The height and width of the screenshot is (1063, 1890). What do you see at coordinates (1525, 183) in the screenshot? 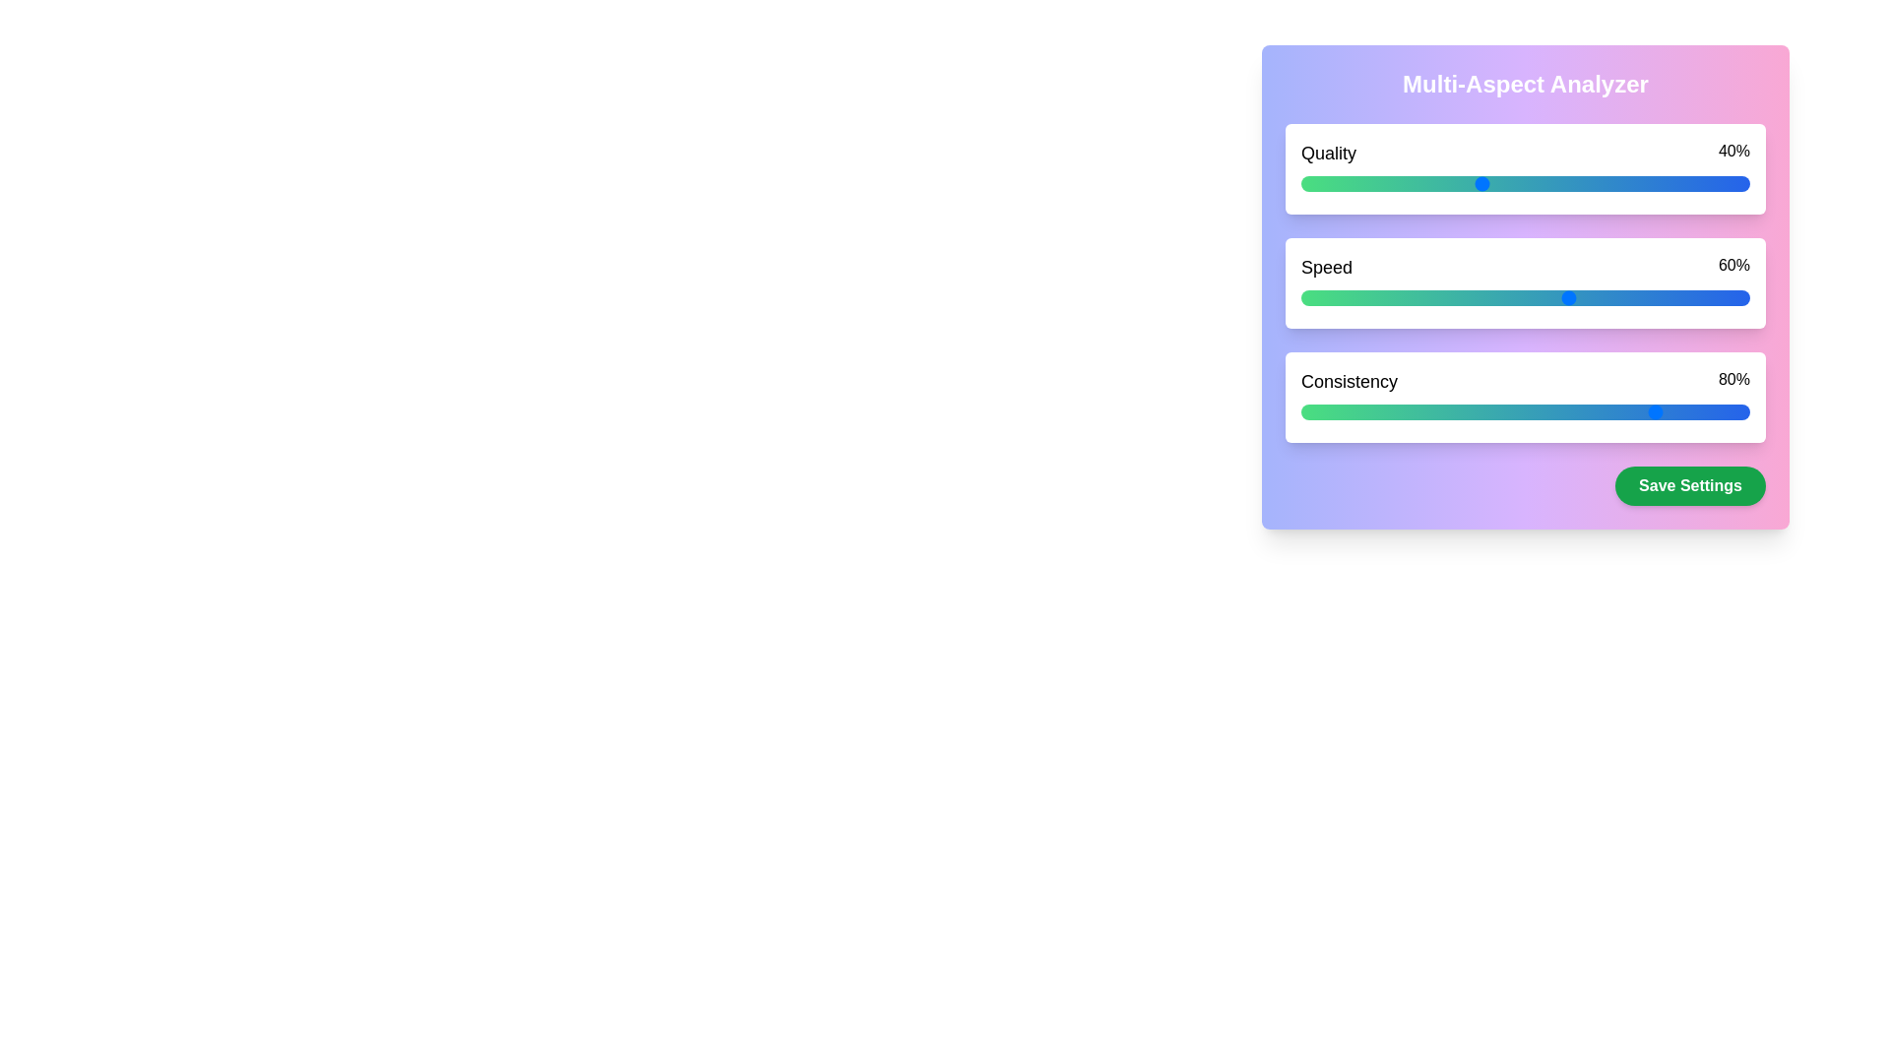
I see `the range slider bar to set a value for the 'Quality' parameter, located below the text 'Quality' and above the '40%' percentage indicator` at bounding box center [1525, 183].